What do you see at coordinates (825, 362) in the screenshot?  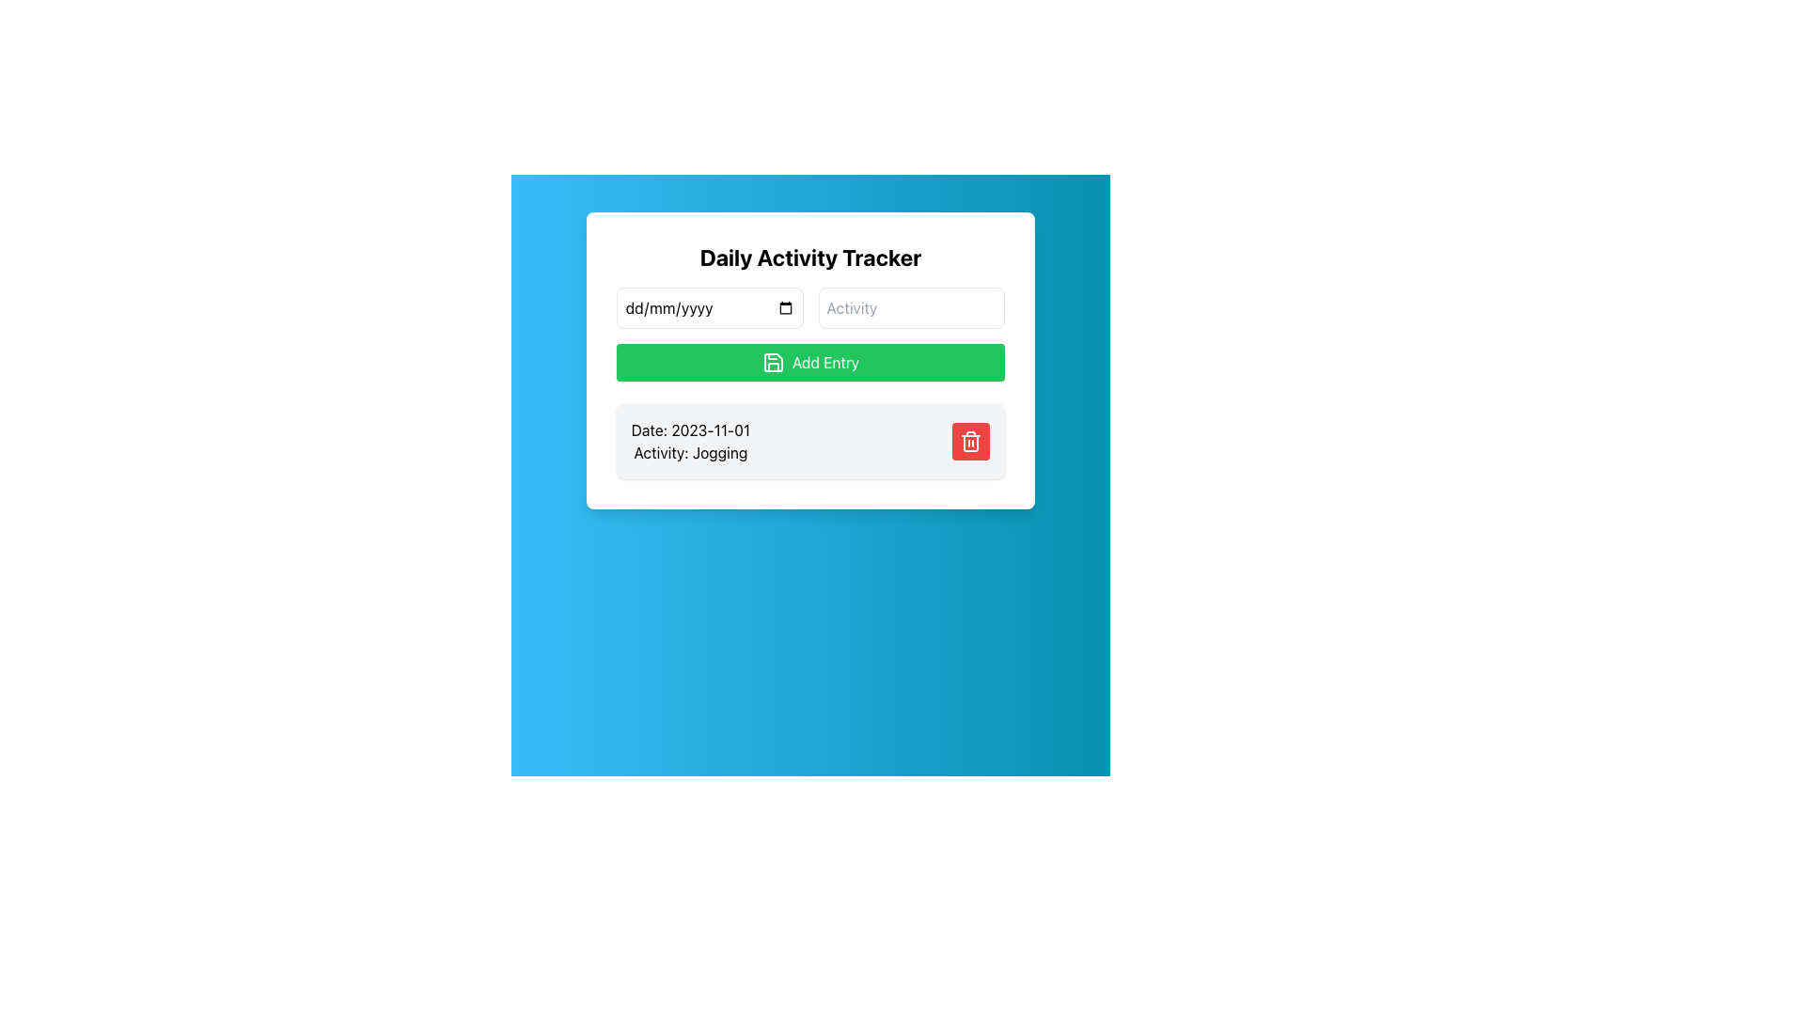 I see `the button labeled 'Add Entry' which is green and located below the input fields for date and activity, positioned to the right of a save icon` at bounding box center [825, 362].